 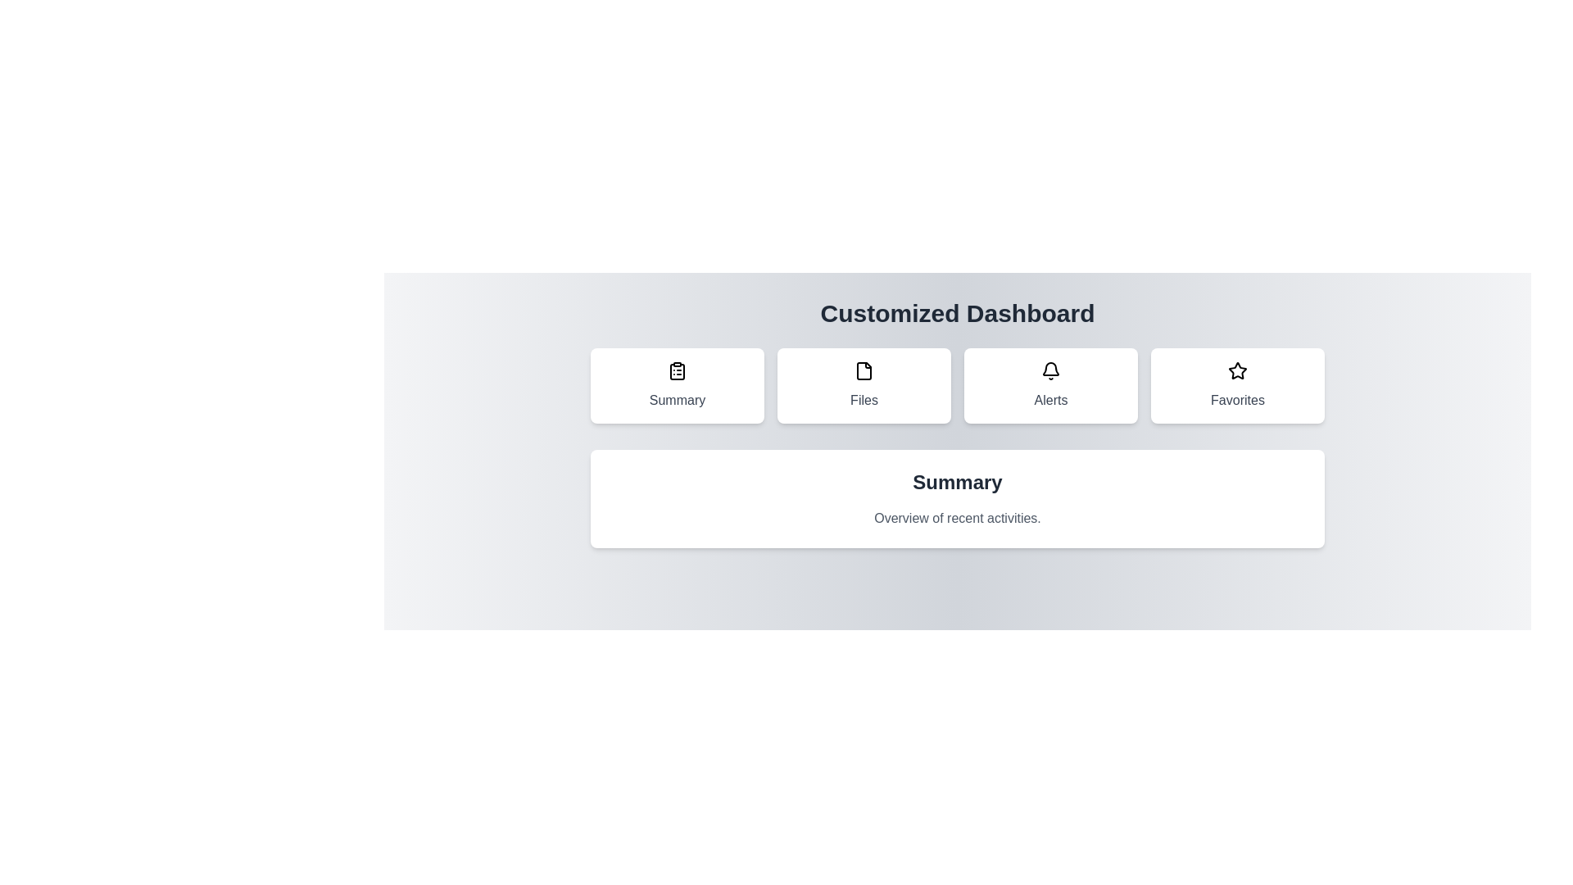 I want to click on the text label that indicates the purpose of the adjacent bell icon, which is part of an alert functionalities card located in the upper section of the view, so click(x=1050, y=401).